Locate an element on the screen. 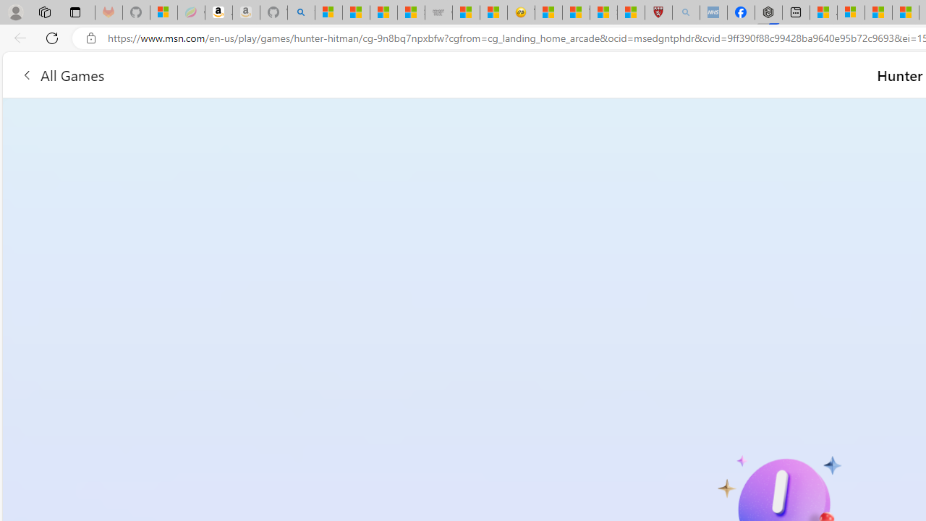 The image size is (926, 521). 'Recipes - MSN' is located at coordinates (548, 12).